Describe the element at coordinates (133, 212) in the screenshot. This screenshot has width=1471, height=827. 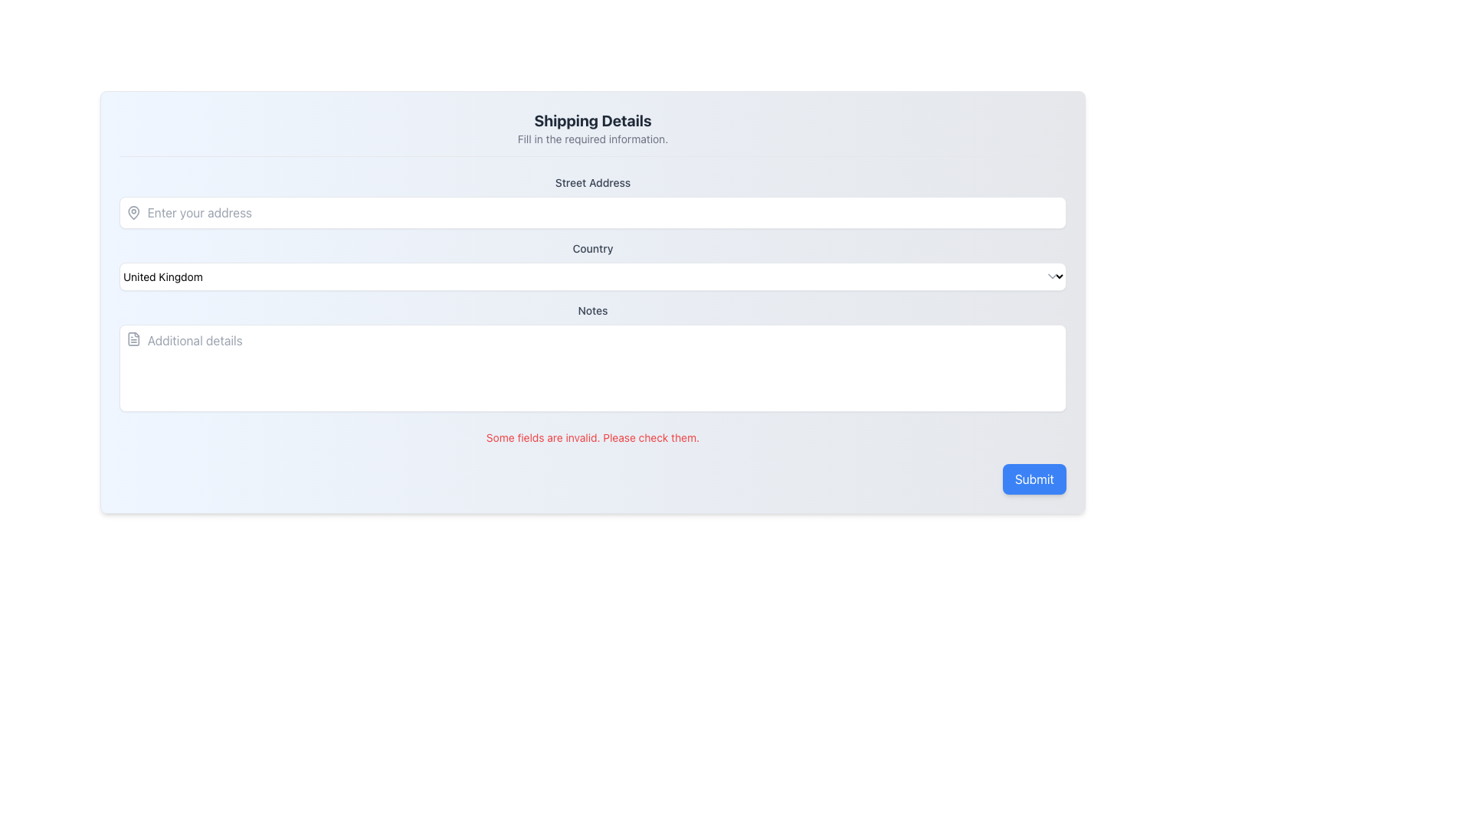
I see `the location input icon located to the left of the 'Enter your address' input field` at that location.